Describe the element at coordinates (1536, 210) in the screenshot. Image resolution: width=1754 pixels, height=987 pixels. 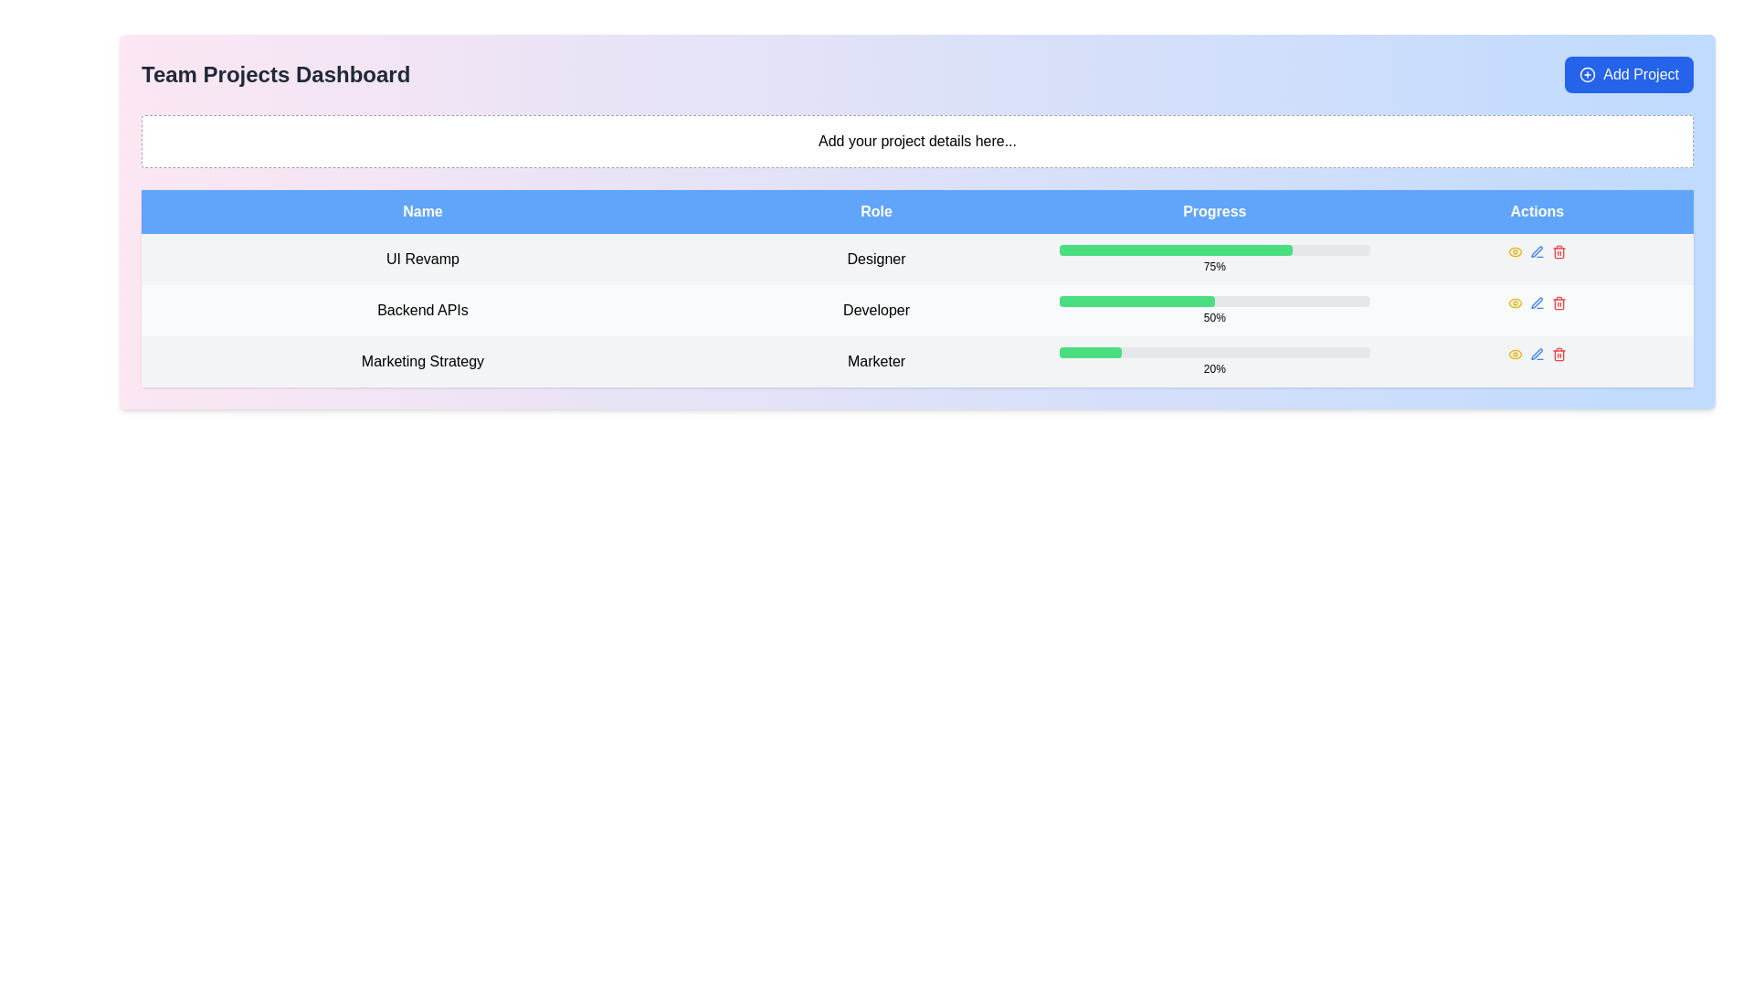
I see `the 'Actions' column header in the table, which is the fourth element in the row of headers labeled 'Name', 'Role', 'Progress', and 'Actions'` at that location.